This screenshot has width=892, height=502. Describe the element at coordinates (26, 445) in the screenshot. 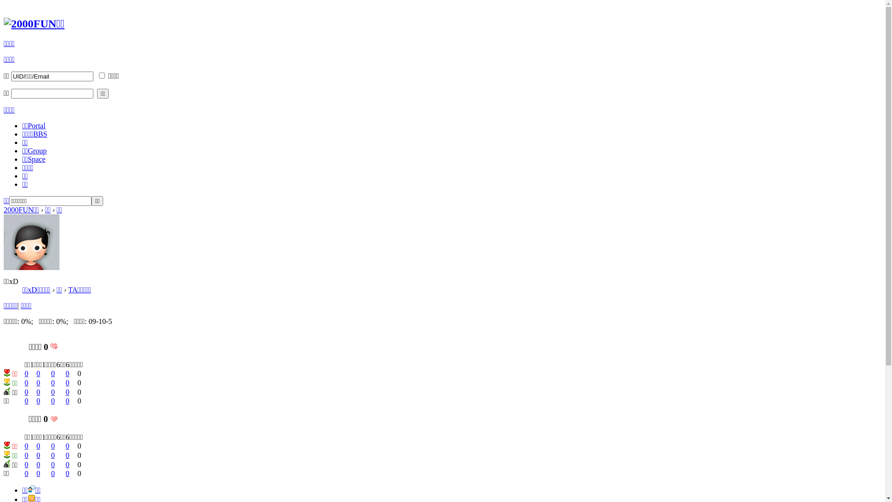

I see `'0'` at that location.